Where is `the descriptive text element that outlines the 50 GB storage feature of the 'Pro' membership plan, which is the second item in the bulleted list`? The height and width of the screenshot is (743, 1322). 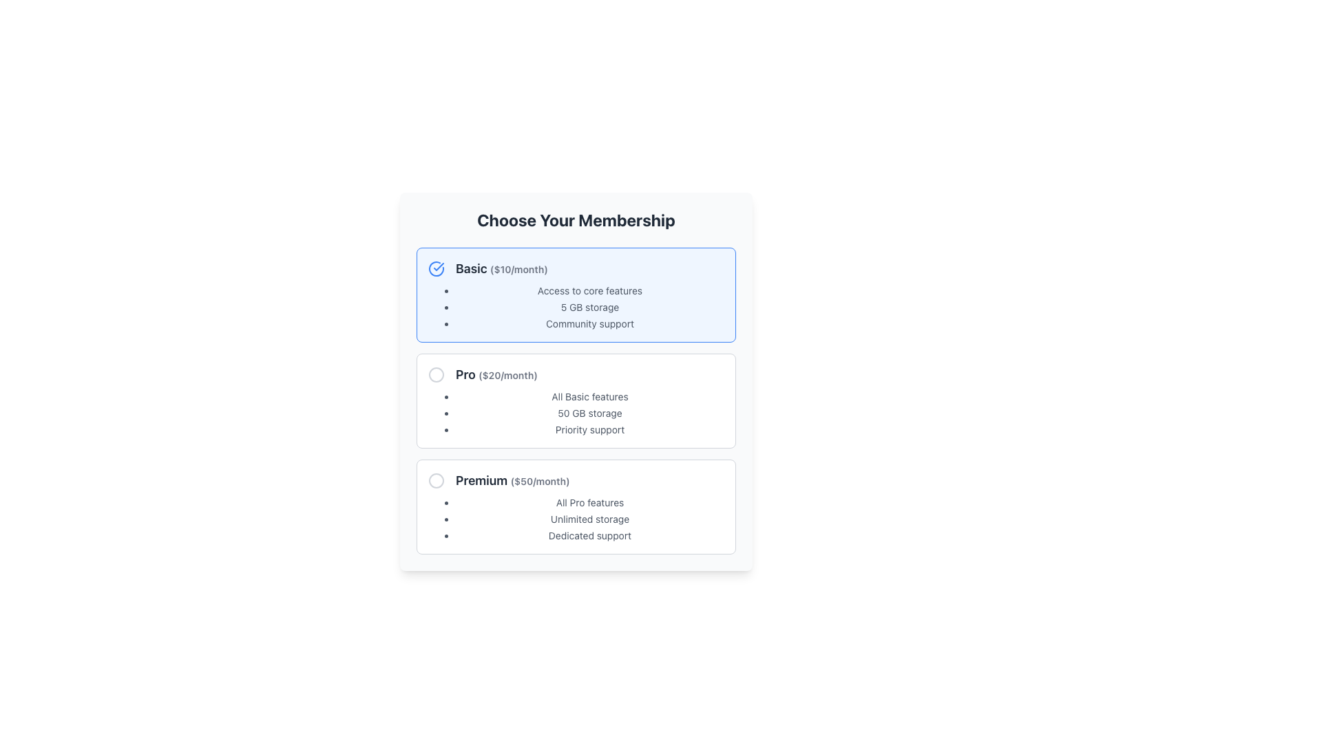 the descriptive text element that outlines the 50 GB storage feature of the 'Pro' membership plan, which is the second item in the bulleted list is located at coordinates (590, 413).